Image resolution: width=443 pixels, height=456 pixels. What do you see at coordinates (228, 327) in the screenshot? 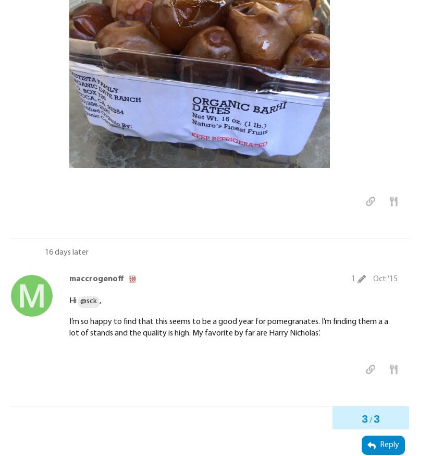
I see `'I’m so happy to find that this seems to be a good year for pomegranates. I’m finding them a a lot of stands and the quality is high. My favorite by far are Harry Nicholas’.'` at bounding box center [228, 327].